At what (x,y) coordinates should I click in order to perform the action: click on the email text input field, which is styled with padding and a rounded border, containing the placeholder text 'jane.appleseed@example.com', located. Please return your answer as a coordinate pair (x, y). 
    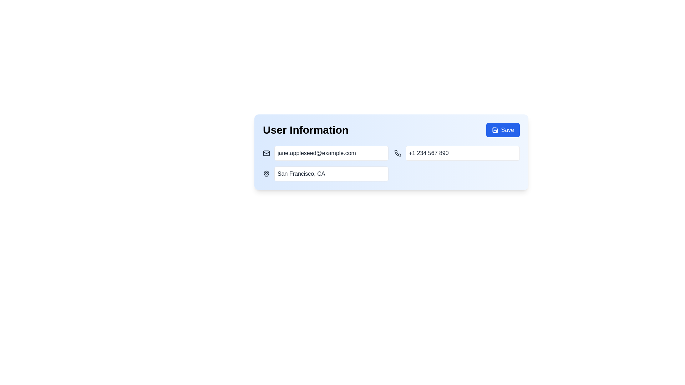
    Looking at the image, I should click on (331, 153).